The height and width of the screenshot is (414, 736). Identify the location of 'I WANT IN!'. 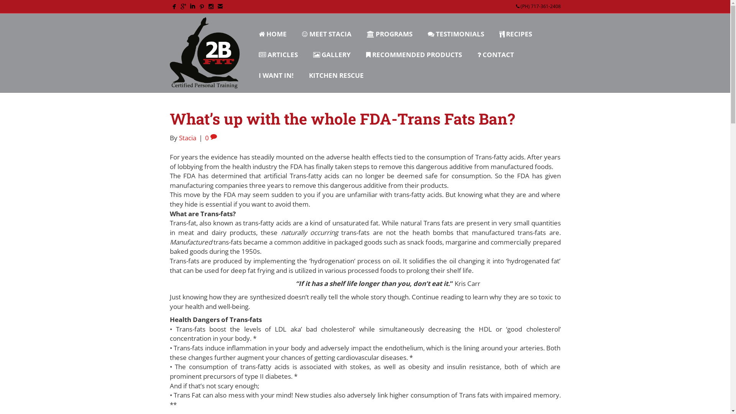
(276, 74).